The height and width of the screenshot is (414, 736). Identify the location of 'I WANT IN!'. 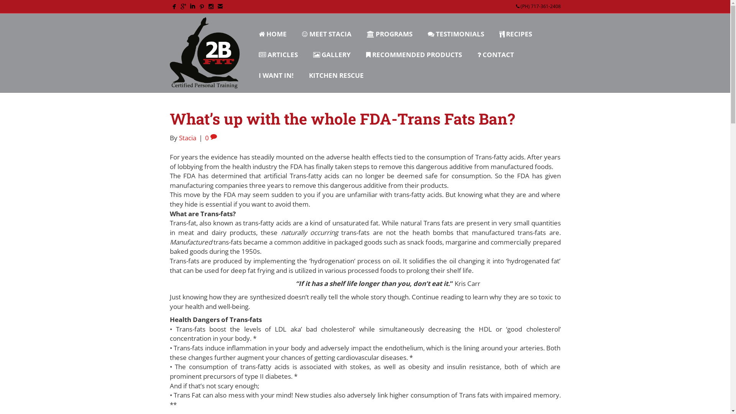
(276, 74).